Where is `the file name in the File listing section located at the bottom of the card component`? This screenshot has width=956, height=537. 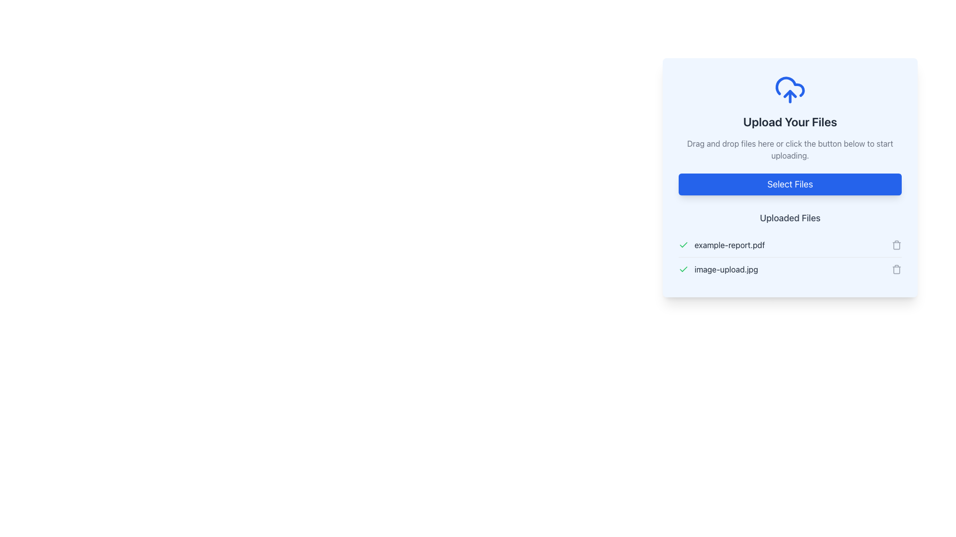 the file name in the File listing section located at the bottom of the card component is located at coordinates (790, 246).